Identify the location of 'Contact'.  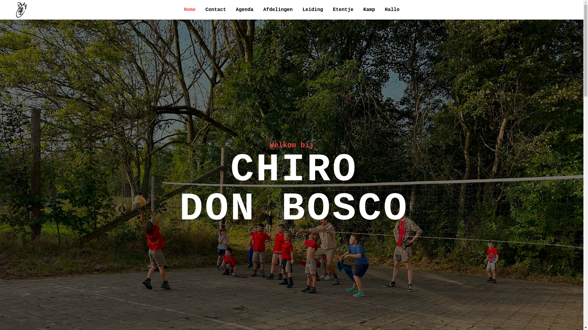
(216, 9).